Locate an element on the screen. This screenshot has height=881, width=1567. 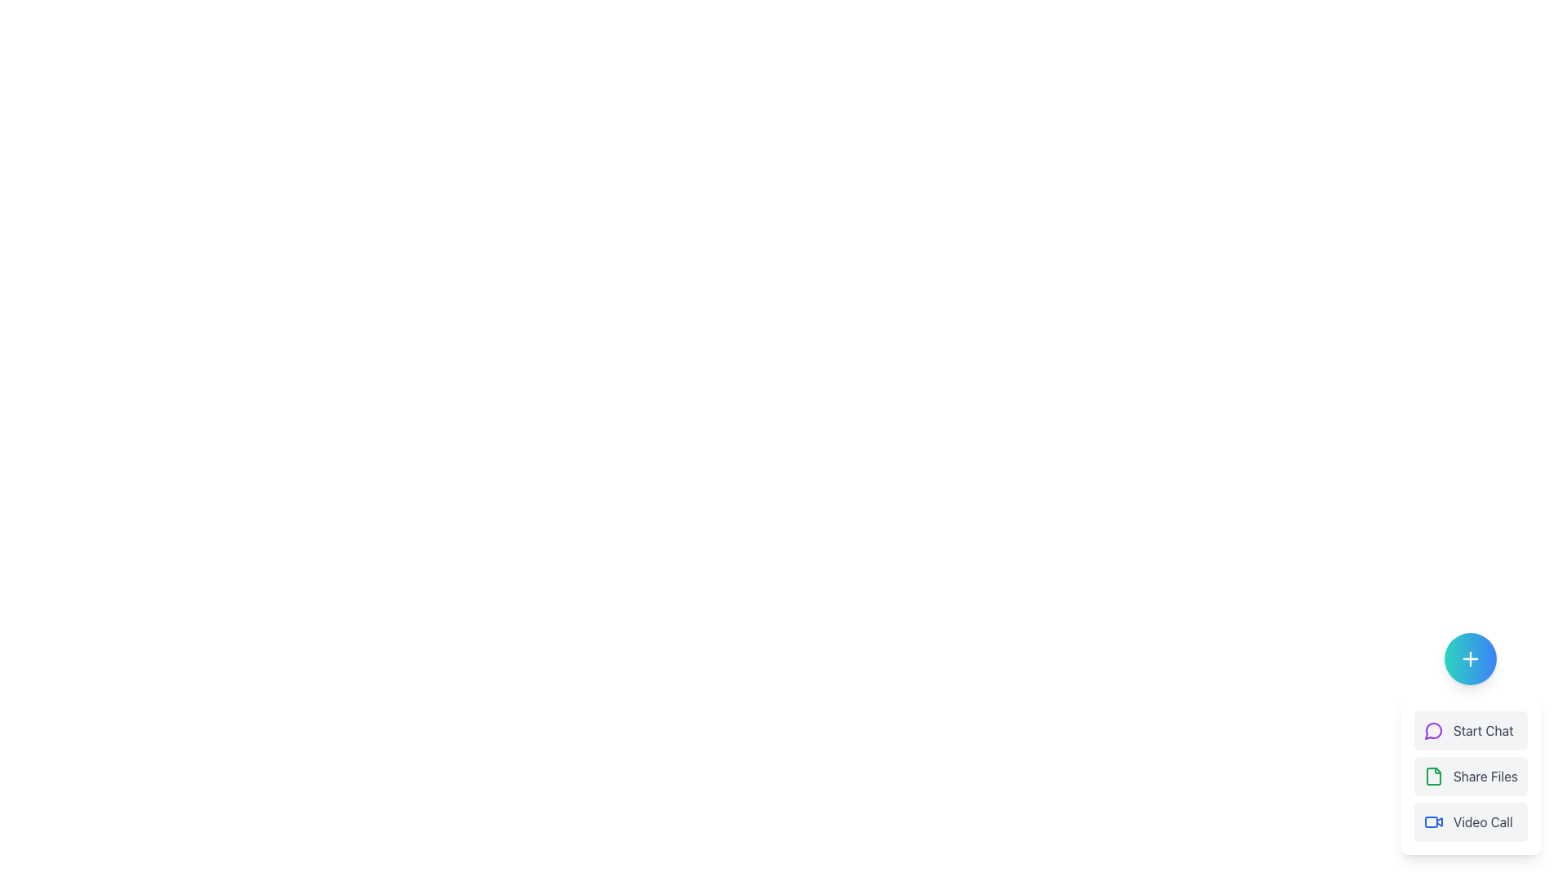
the 'Share Files' button which contains the green file icon with a rounded rectangle shape, positioned to the left of the text label 'Share Files' is located at coordinates (1432, 776).